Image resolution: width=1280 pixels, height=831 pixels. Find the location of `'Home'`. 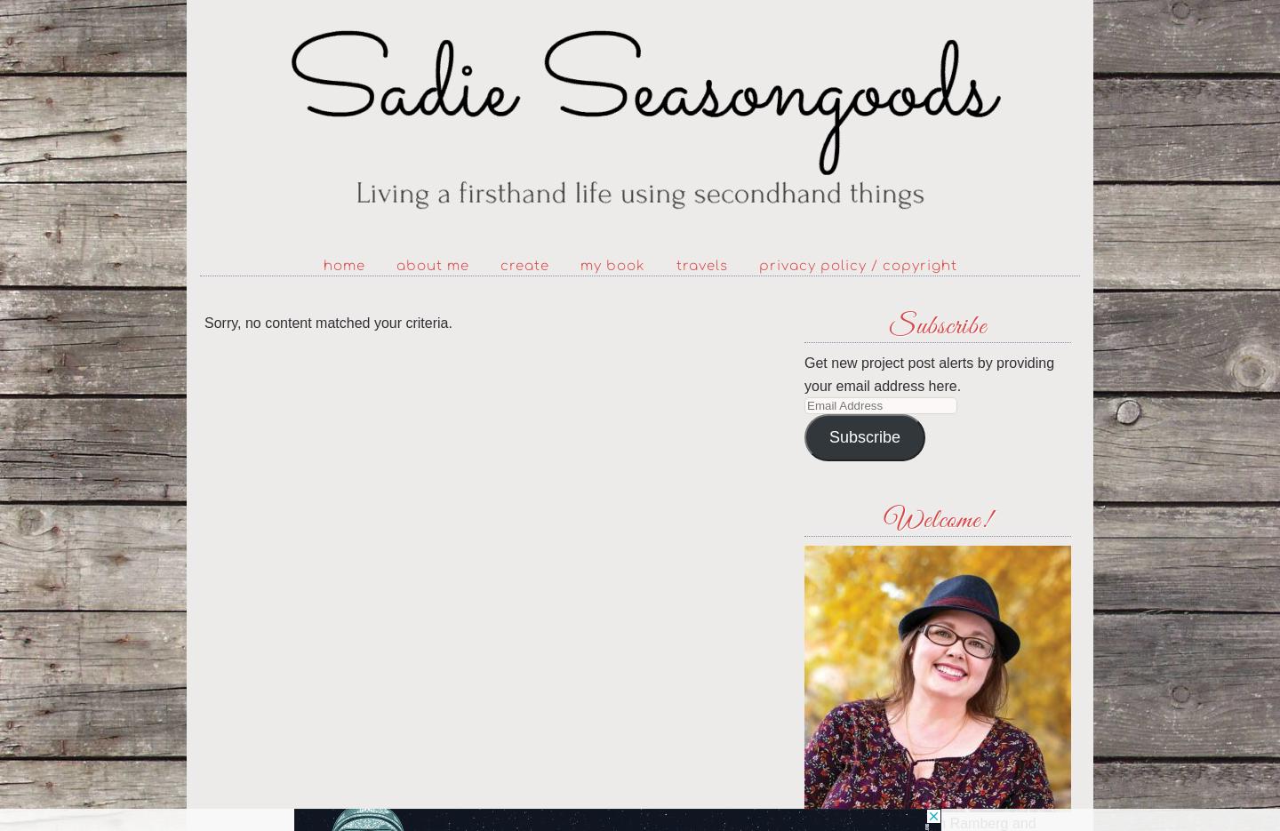

'Home' is located at coordinates (342, 266).